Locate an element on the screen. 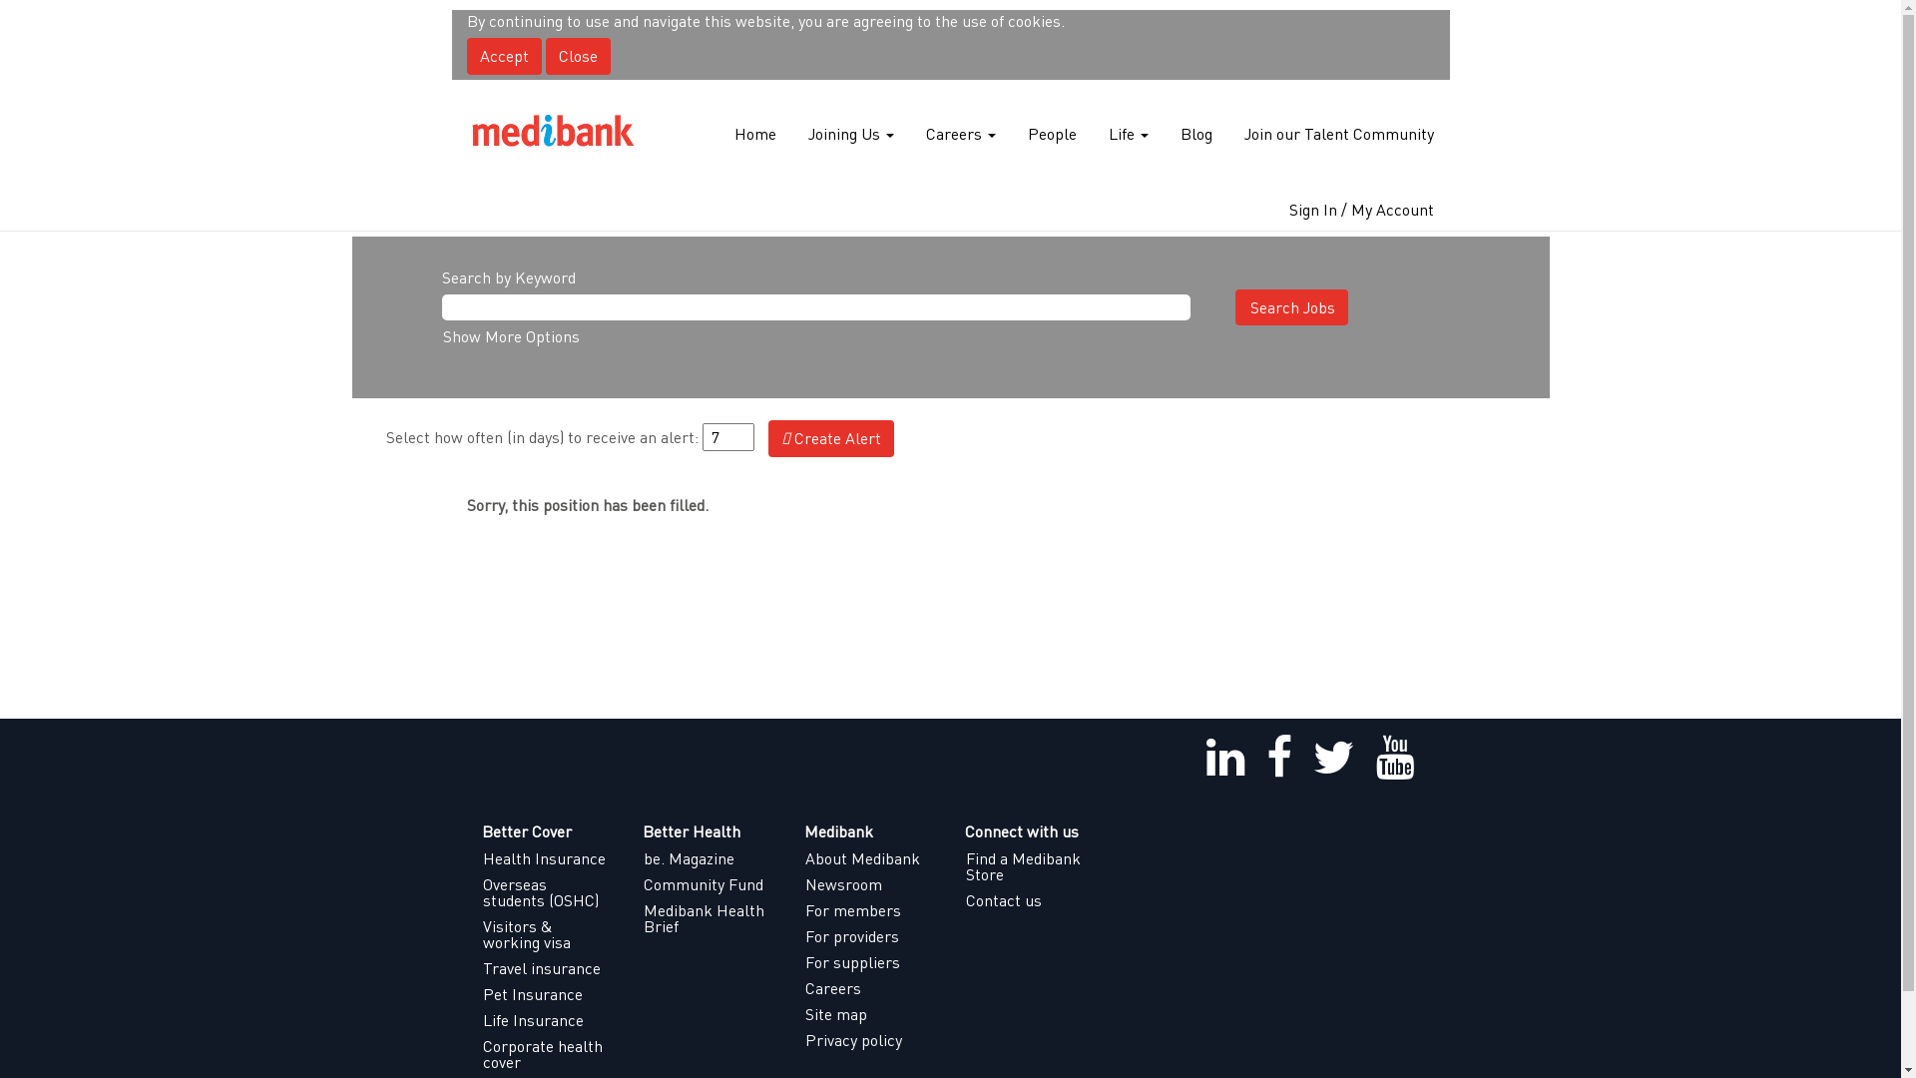  'facebook' is located at coordinates (1278, 758).